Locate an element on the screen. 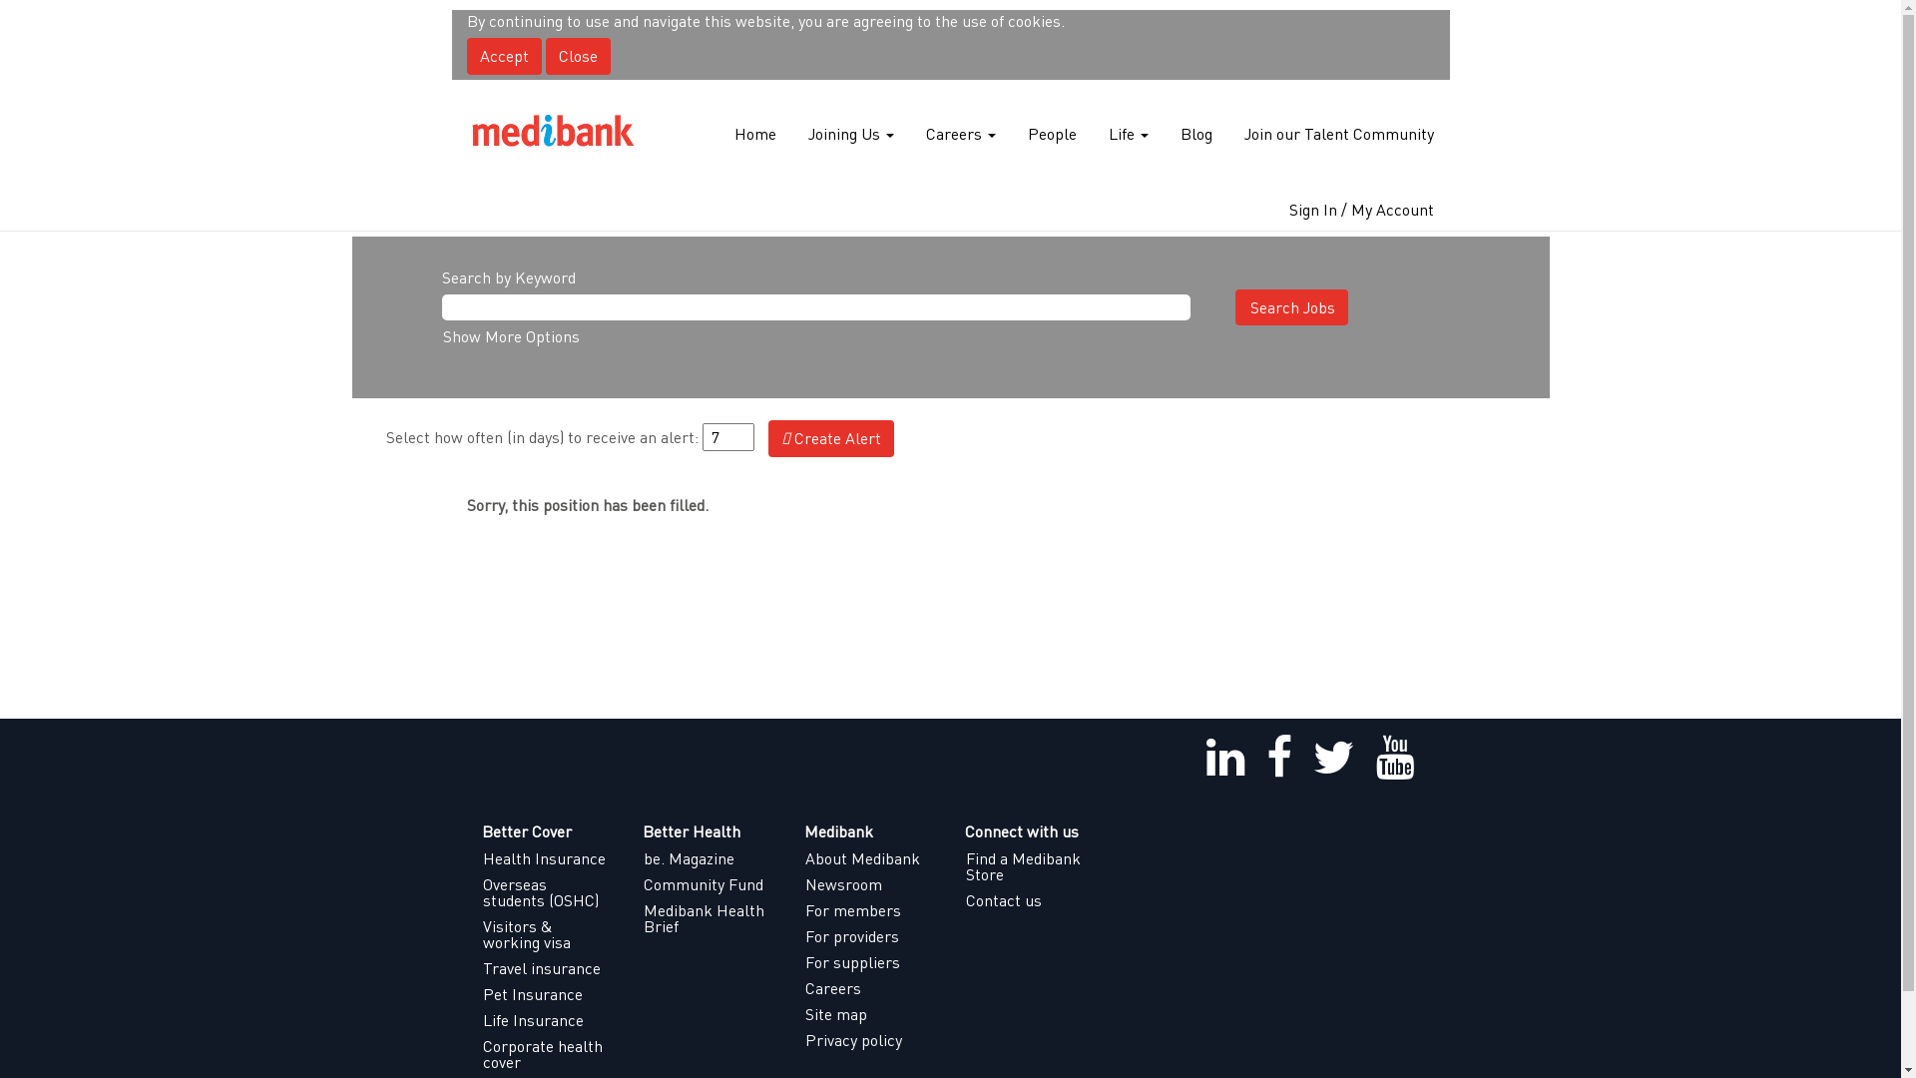  'facebook' is located at coordinates (1278, 758).